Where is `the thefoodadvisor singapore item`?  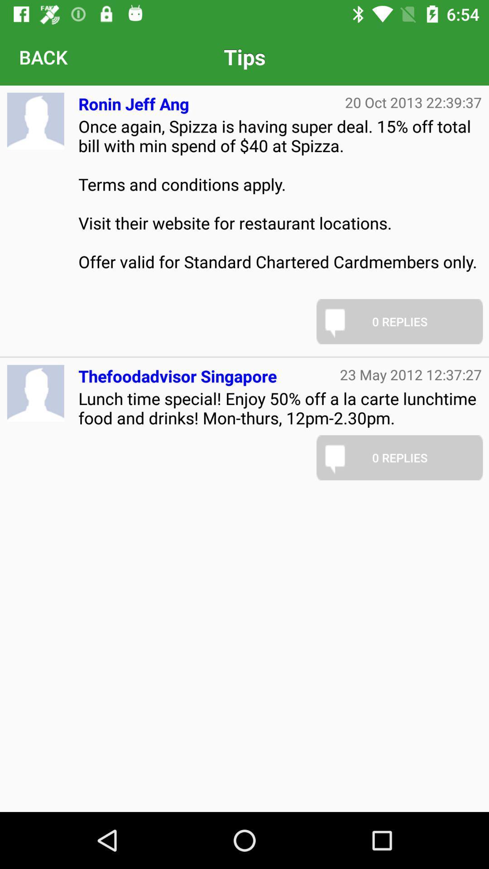 the thefoodadvisor singapore item is located at coordinates (177, 372).